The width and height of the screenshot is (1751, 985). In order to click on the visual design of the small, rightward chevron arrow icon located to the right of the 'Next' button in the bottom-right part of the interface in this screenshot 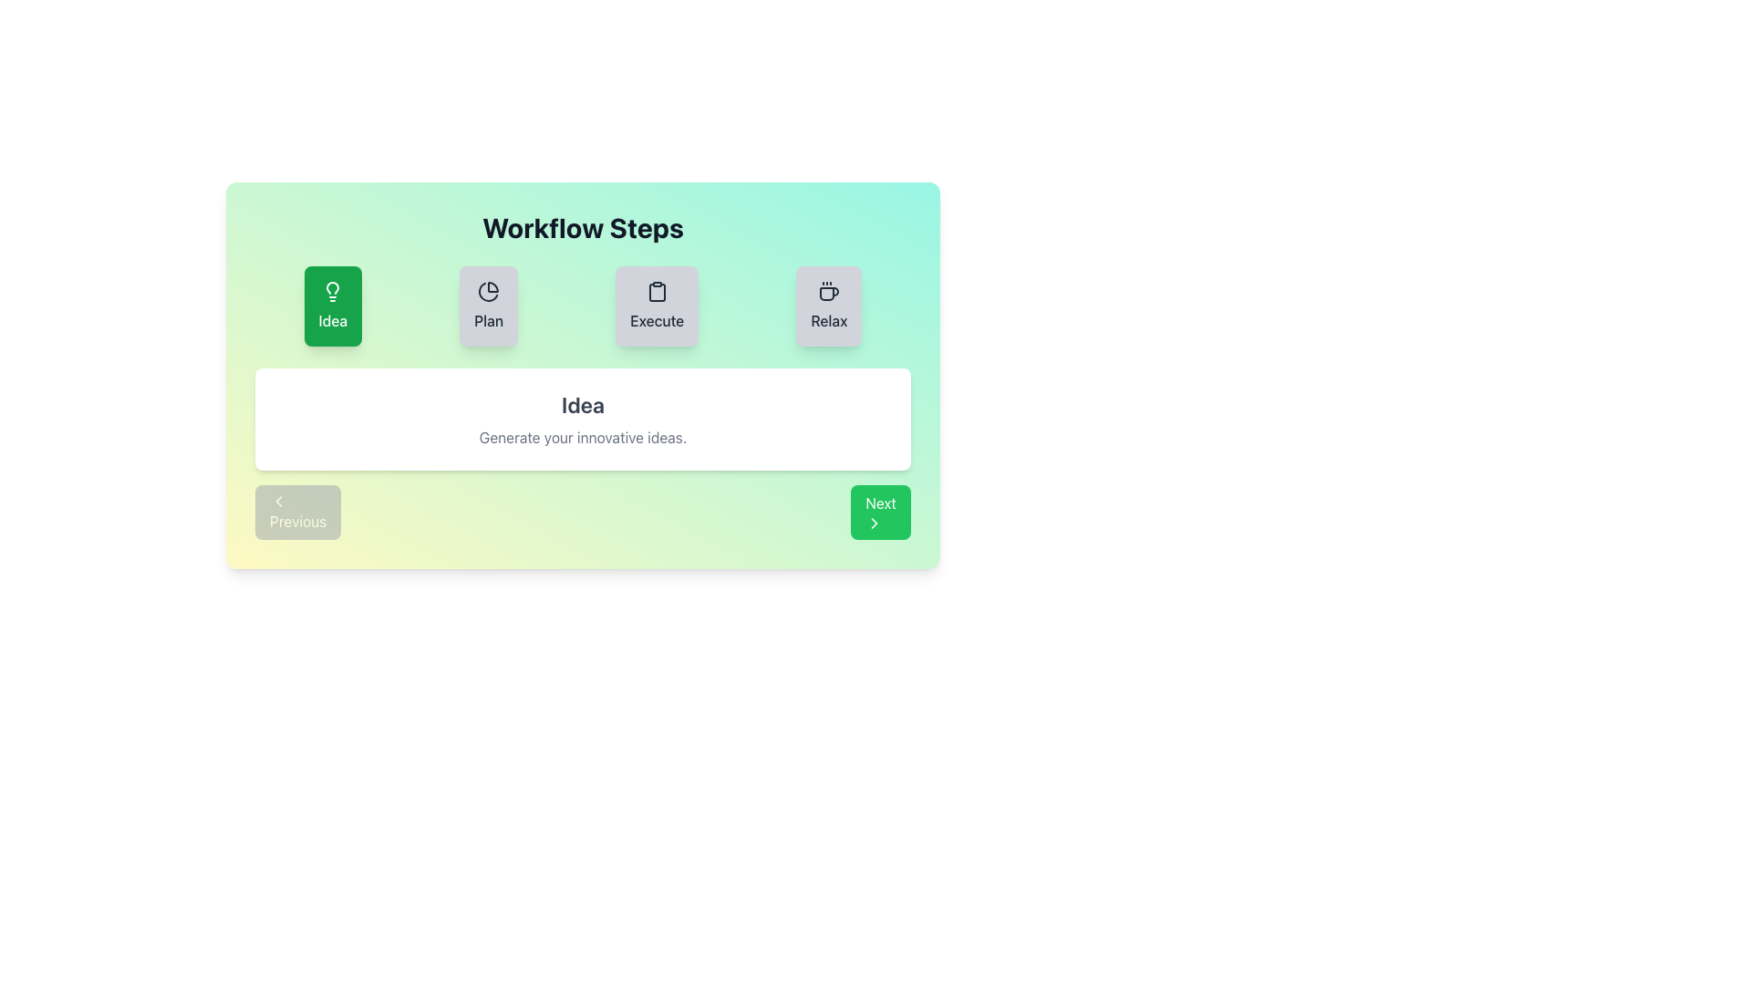, I will do `click(874, 524)`.